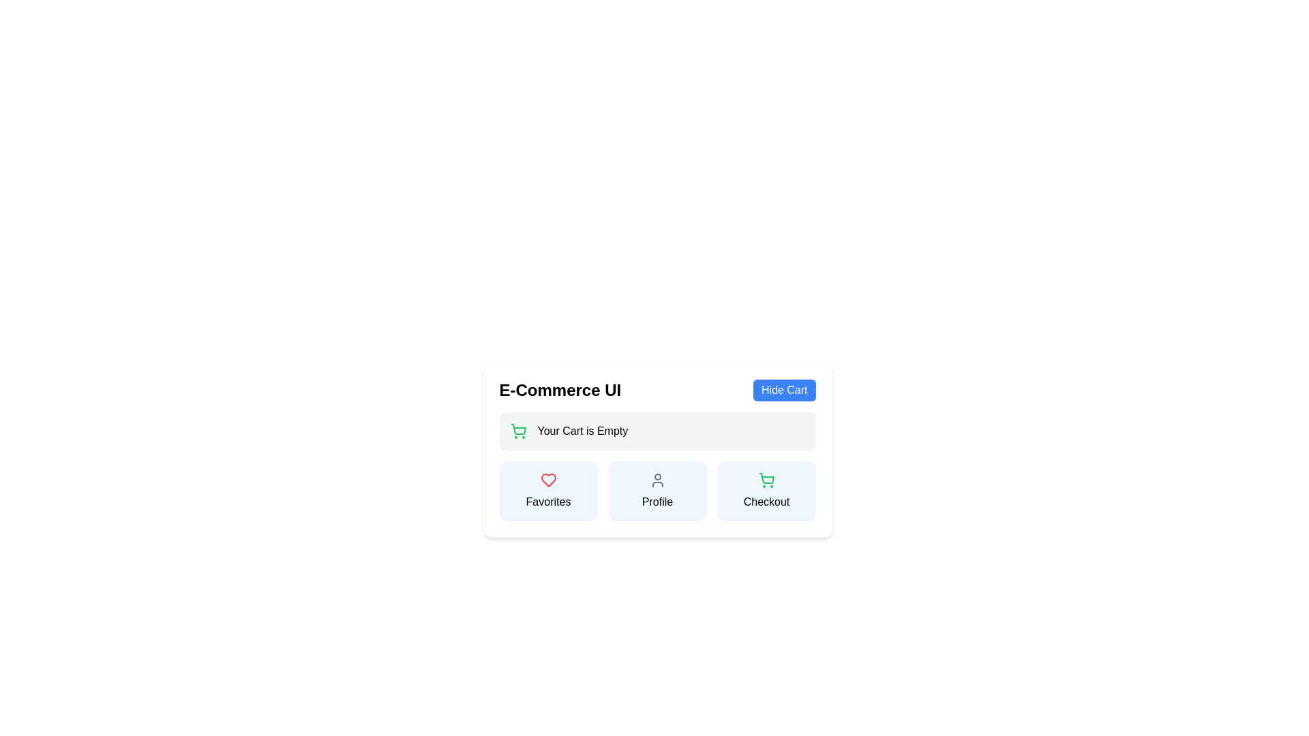 The width and height of the screenshot is (1309, 736). Describe the element at coordinates (766, 480) in the screenshot. I see `the checkout icon located at the bottom-right corner of the favorites and profile elements, which symbolizes the checkout function of the e-commerce platform` at that location.